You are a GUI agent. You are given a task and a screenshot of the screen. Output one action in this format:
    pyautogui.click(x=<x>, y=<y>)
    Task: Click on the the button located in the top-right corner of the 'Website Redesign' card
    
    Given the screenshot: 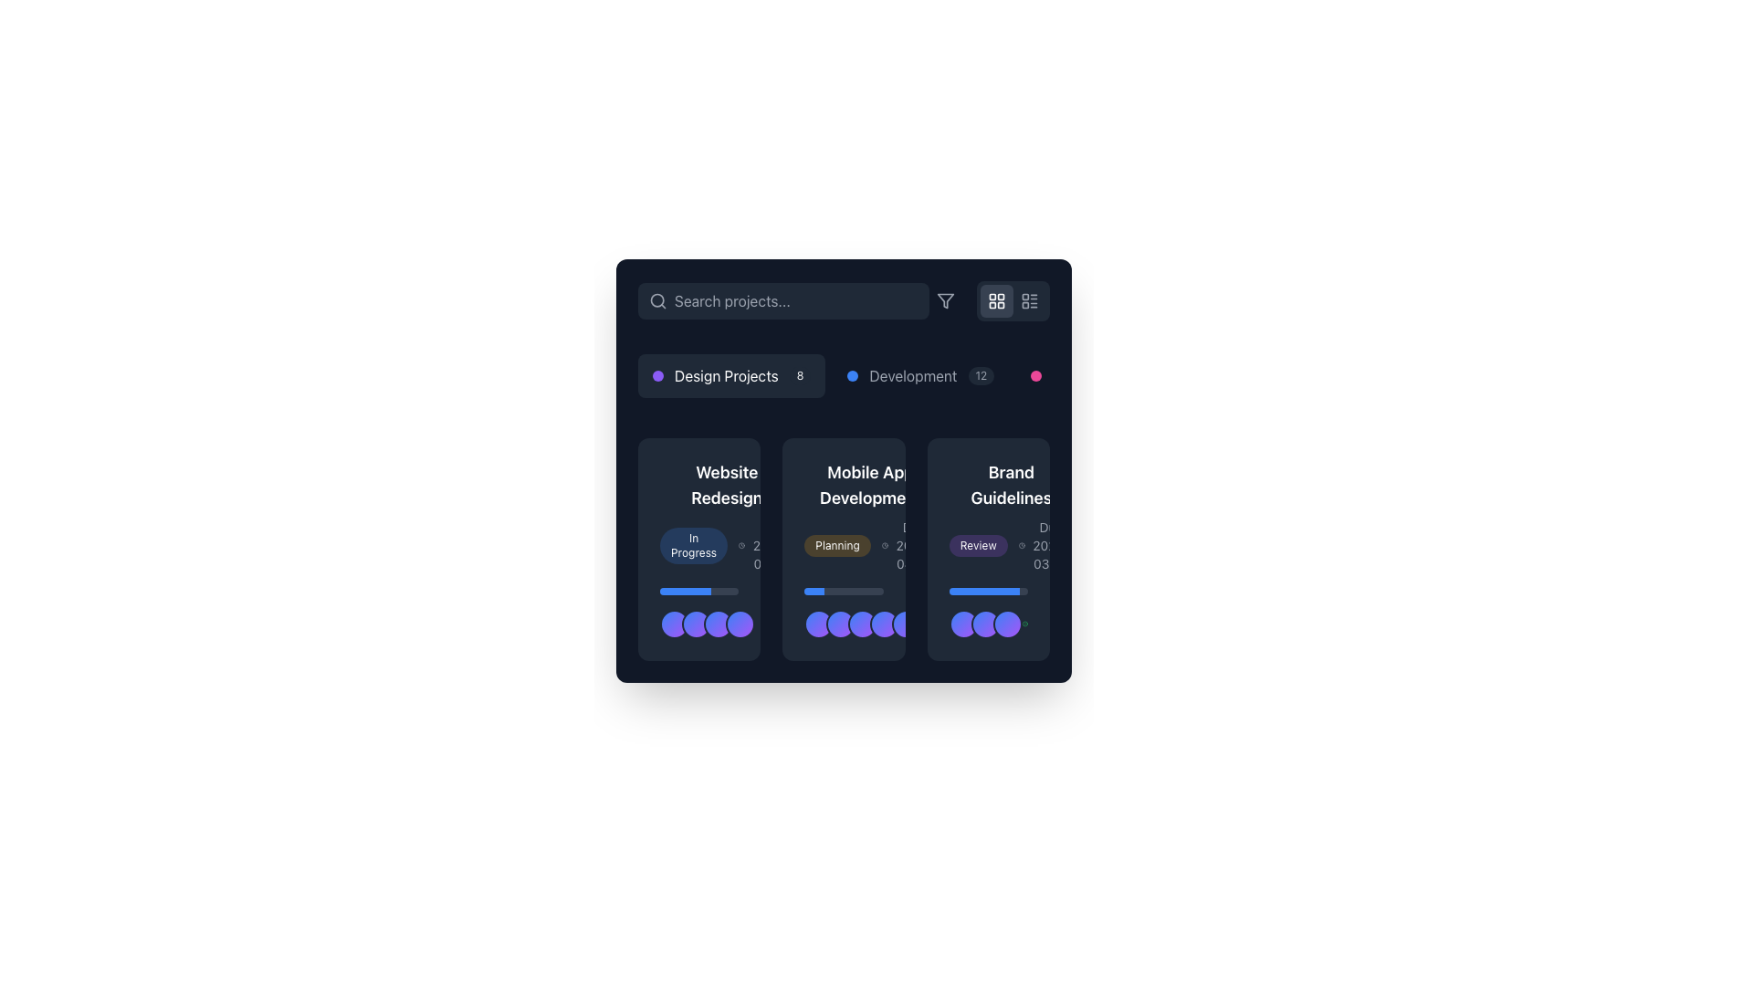 What is the action you would take?
    pyautogui.click(x=809, y=475)
    